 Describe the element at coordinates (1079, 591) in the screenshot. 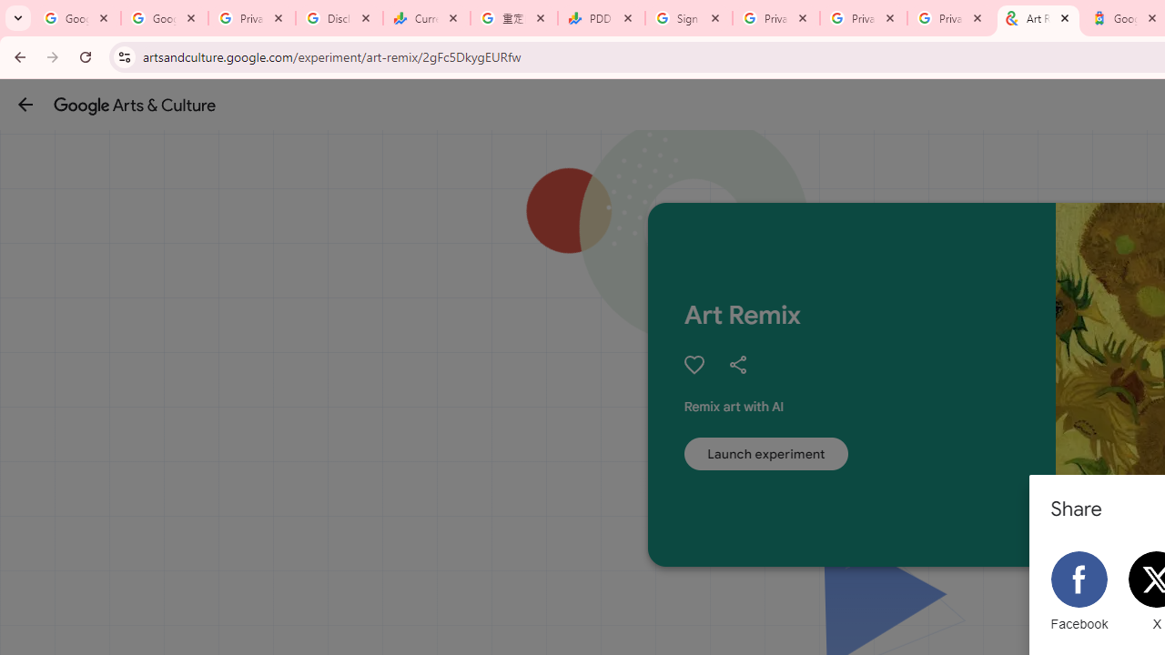

I see `'Share on Facebook'` at that location.